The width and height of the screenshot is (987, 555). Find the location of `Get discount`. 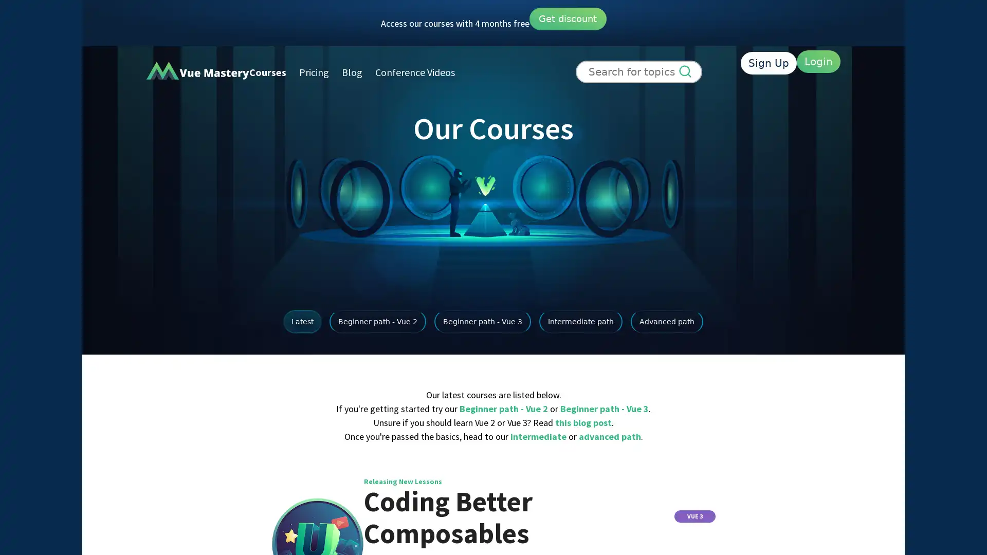

Get discount is located at coordinates (576, 23).